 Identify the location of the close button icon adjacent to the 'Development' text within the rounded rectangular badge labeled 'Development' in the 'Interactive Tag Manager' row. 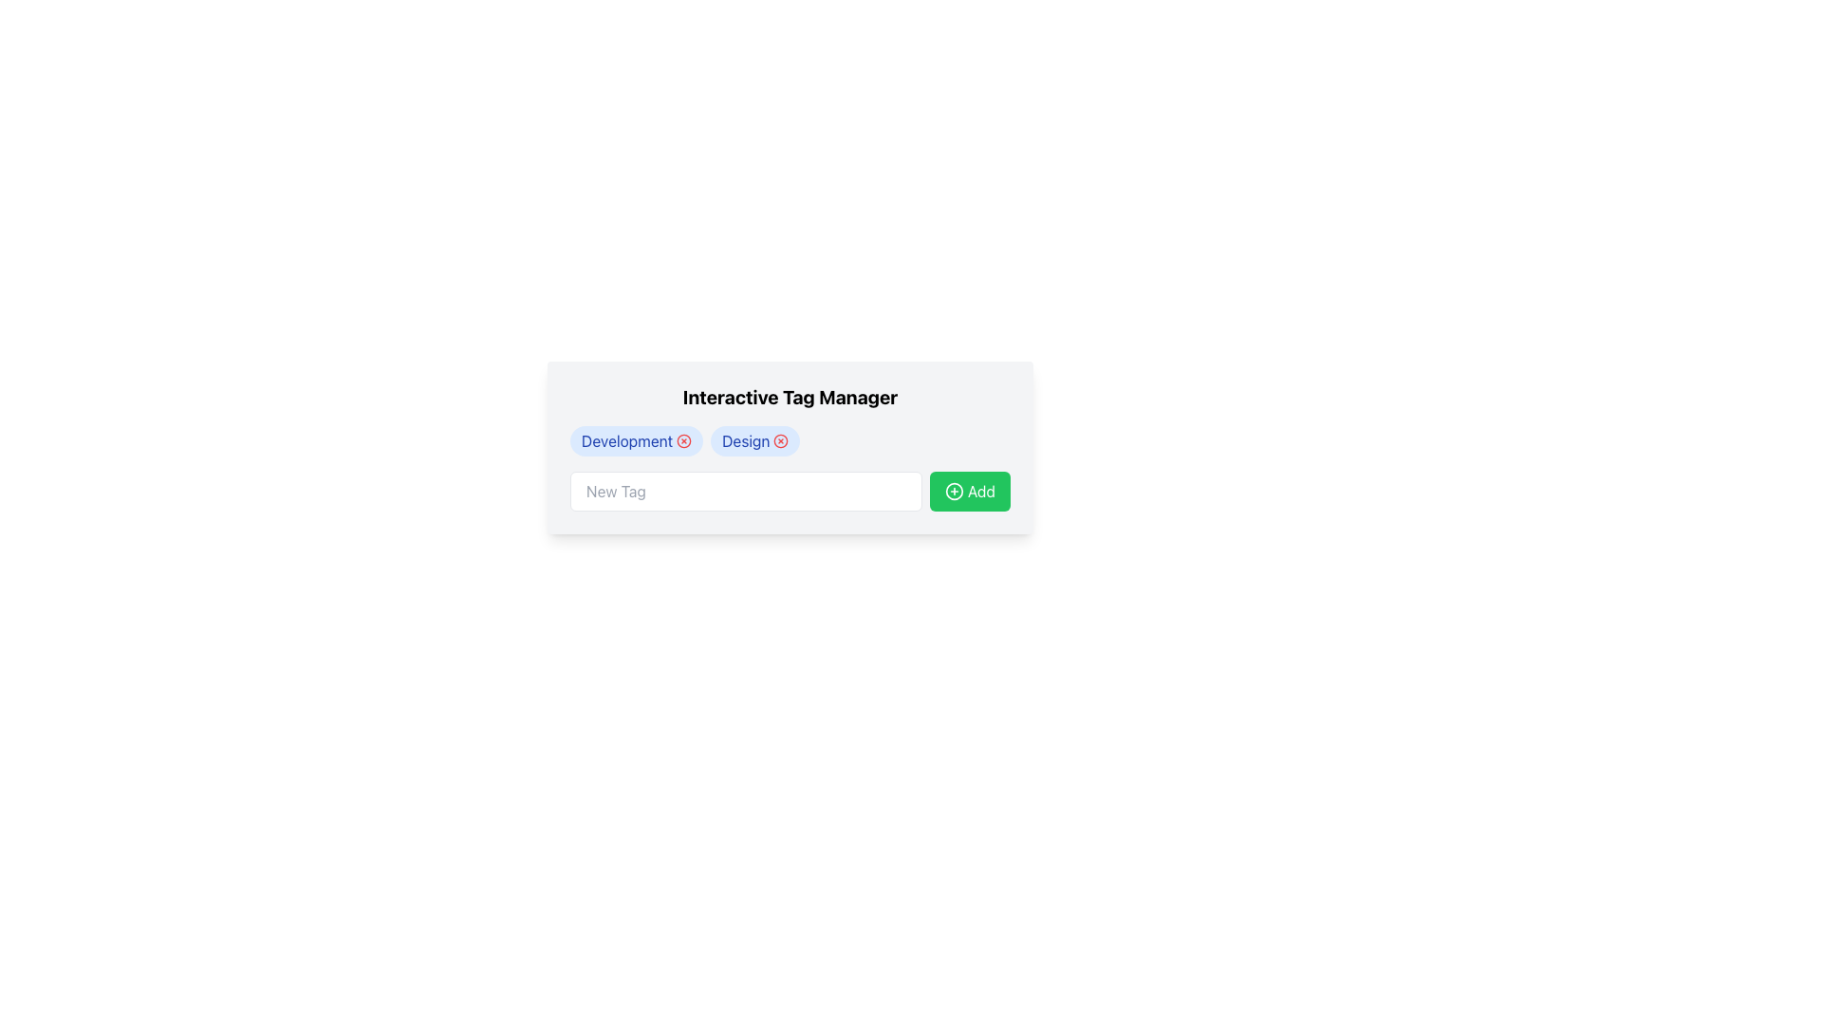
(683, 441).